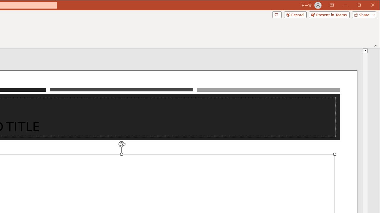 This screenshot has height=213, width=380. What do you see at coordinates (329, 14) in the screenshot?
I see `'Present in Teams'` at bounding box center [329, 14].